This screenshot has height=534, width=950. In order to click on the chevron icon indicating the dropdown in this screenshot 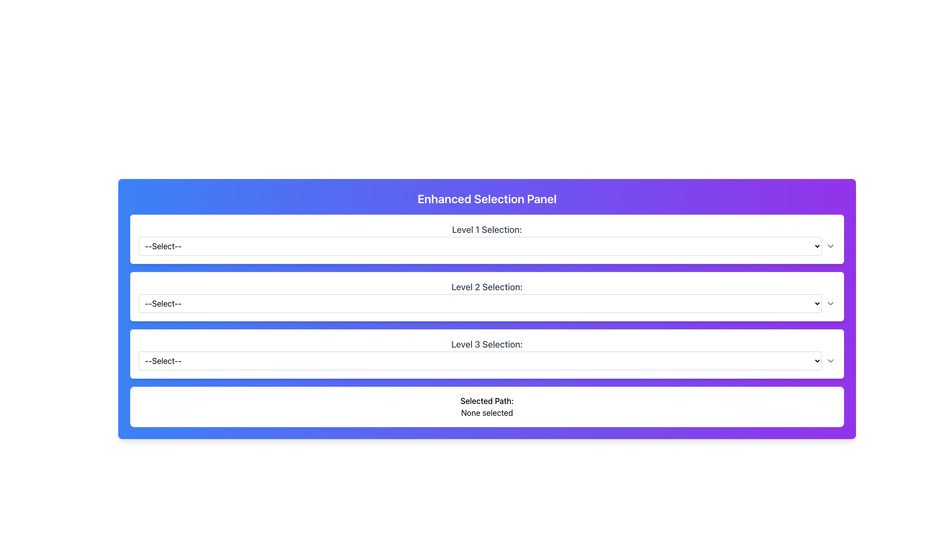, I will do `click(831, 303)`.